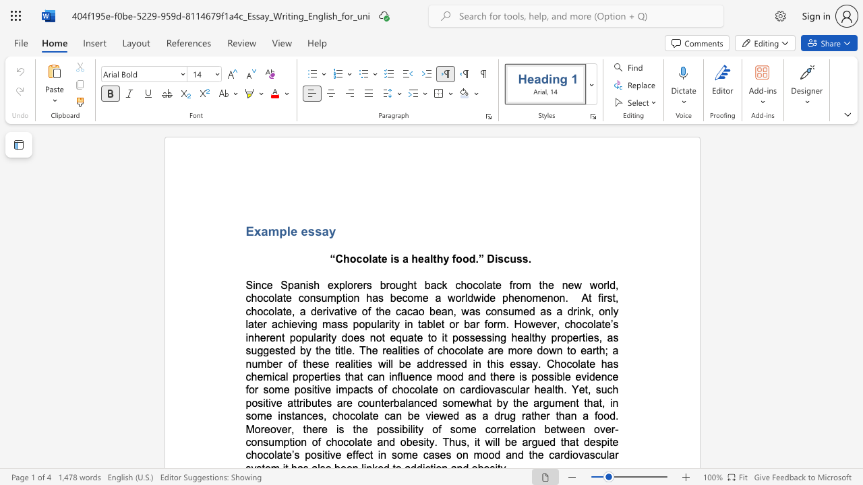 Image resolution: width=863 pixels, height=485 pixels. What do you see at coordinates (445, 377) in the screenshot?
I see `the subset text "ood and there i" within the text "emical properties that can influence mood and there is"` at bounding box center [445, 377].